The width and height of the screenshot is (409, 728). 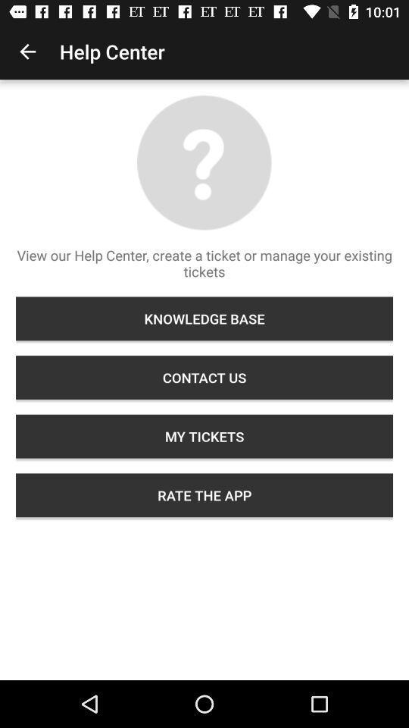 What do you see at coordinates (204, 376) in the screenshot?
I see `the icon below the knowledge base icon` at bounding box center [204, 376].